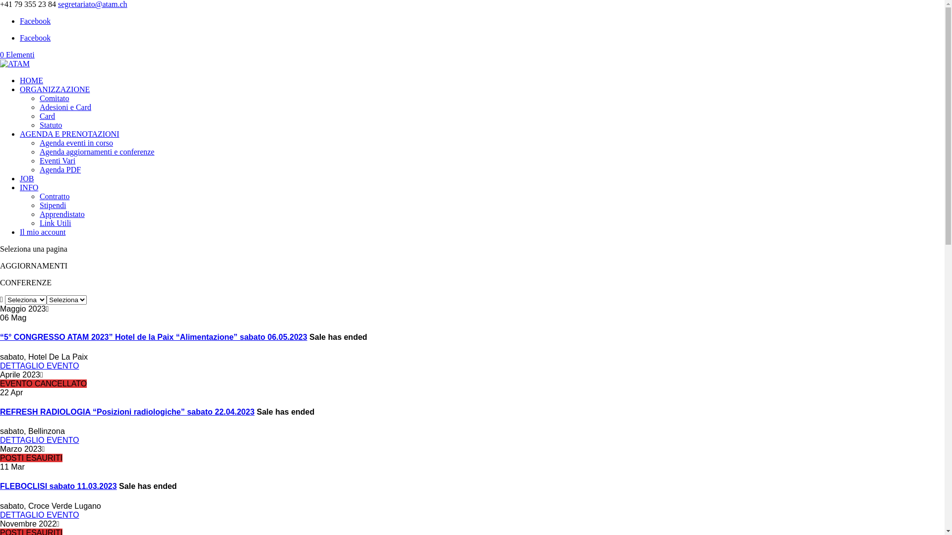 This screenshot has height=535, width=952. Describe the element at coordinates (19, 80) in the screenshot. I see `'HOME'` at that location.